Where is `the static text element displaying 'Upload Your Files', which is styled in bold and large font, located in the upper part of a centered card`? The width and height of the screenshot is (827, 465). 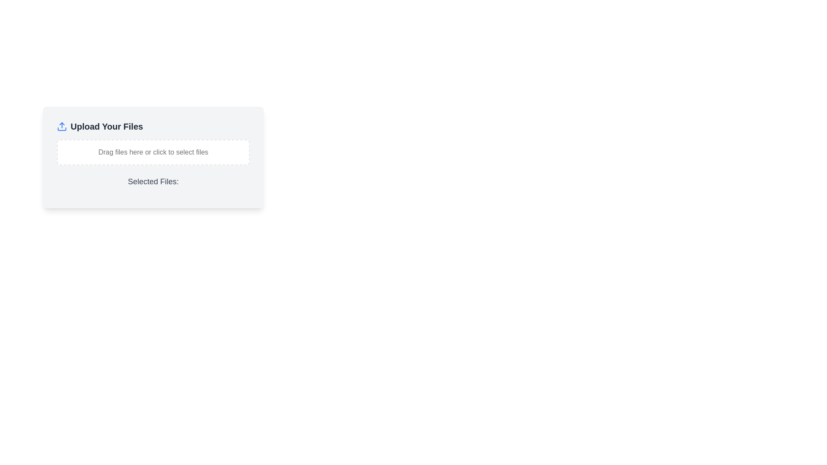 the static text element displaying 'Upload Your Files', which is styled in bold and large font, located in the upper part of a centered card is located at coordinates (106, 126).